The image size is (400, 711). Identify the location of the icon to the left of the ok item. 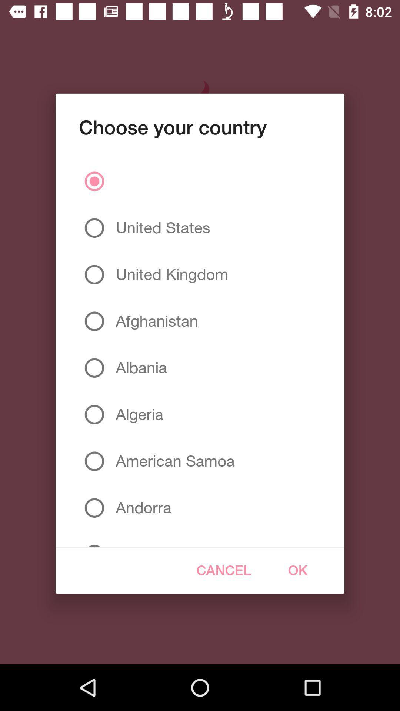
(223, 570).